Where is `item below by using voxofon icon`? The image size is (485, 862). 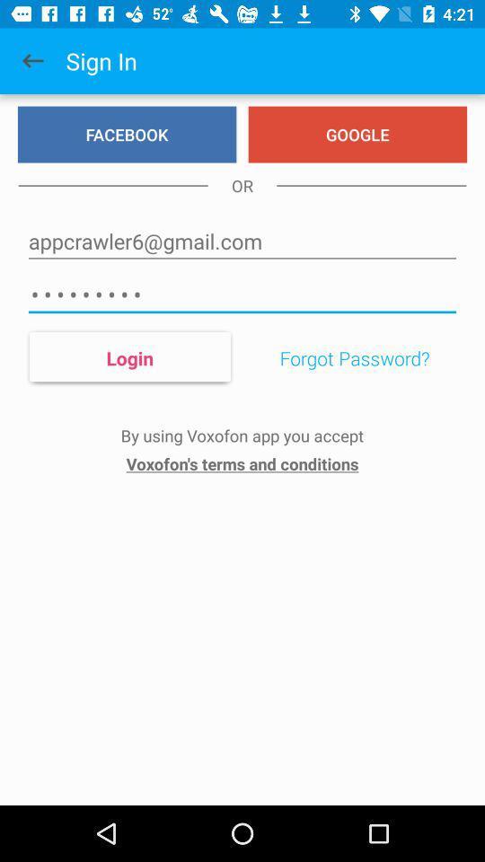 item below by using voxofon icon is located at coordinates (242, 462).